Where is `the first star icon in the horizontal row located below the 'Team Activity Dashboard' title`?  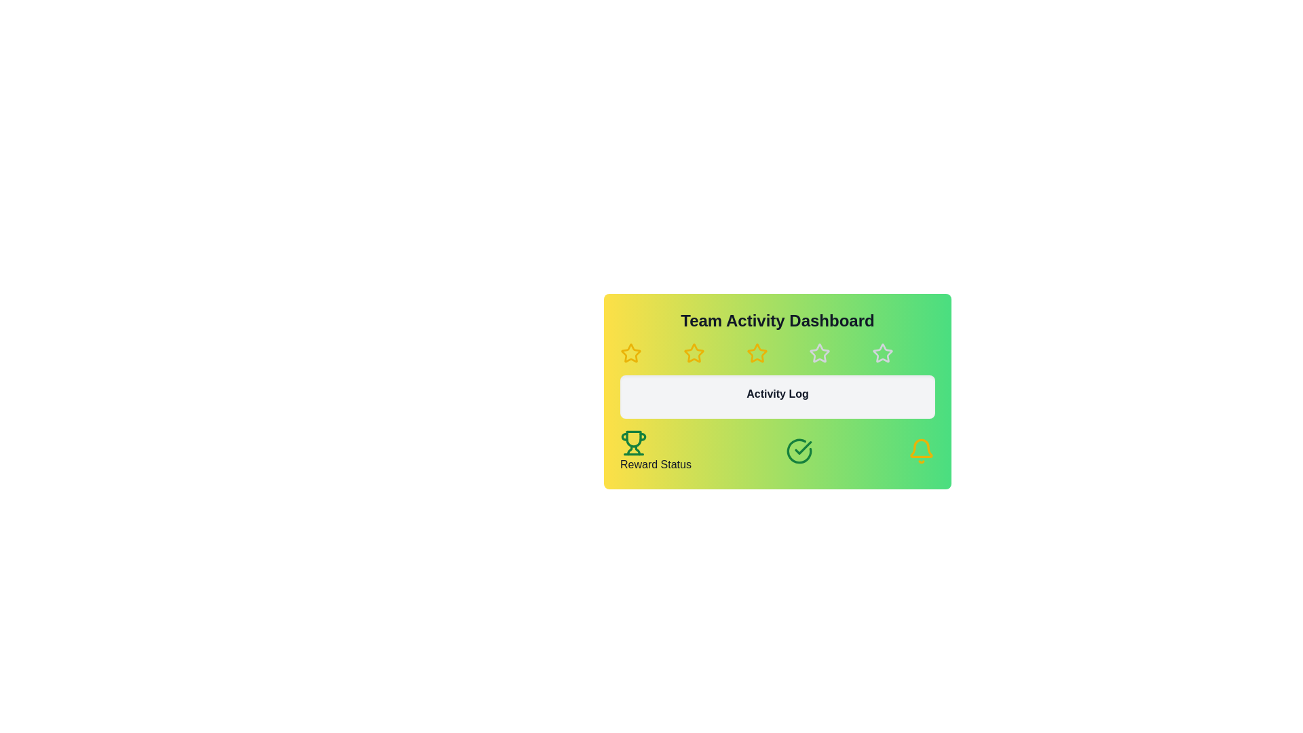 the first star icon in the horizontal row located below the 'Team Activity Dashboard' title is located at coordinates (630, 352).